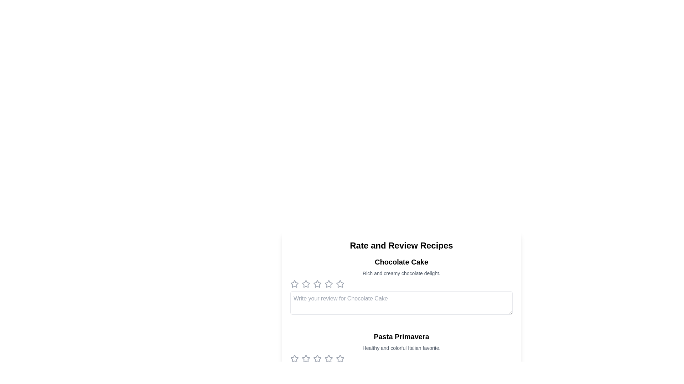 Image resolution: width=684 pixels, height=384 pixels. I want to click on the third star in the star rating button sequence located directly below the 'Pasta Primavera' heading to assign a rating of three stars, so click(317, 359).